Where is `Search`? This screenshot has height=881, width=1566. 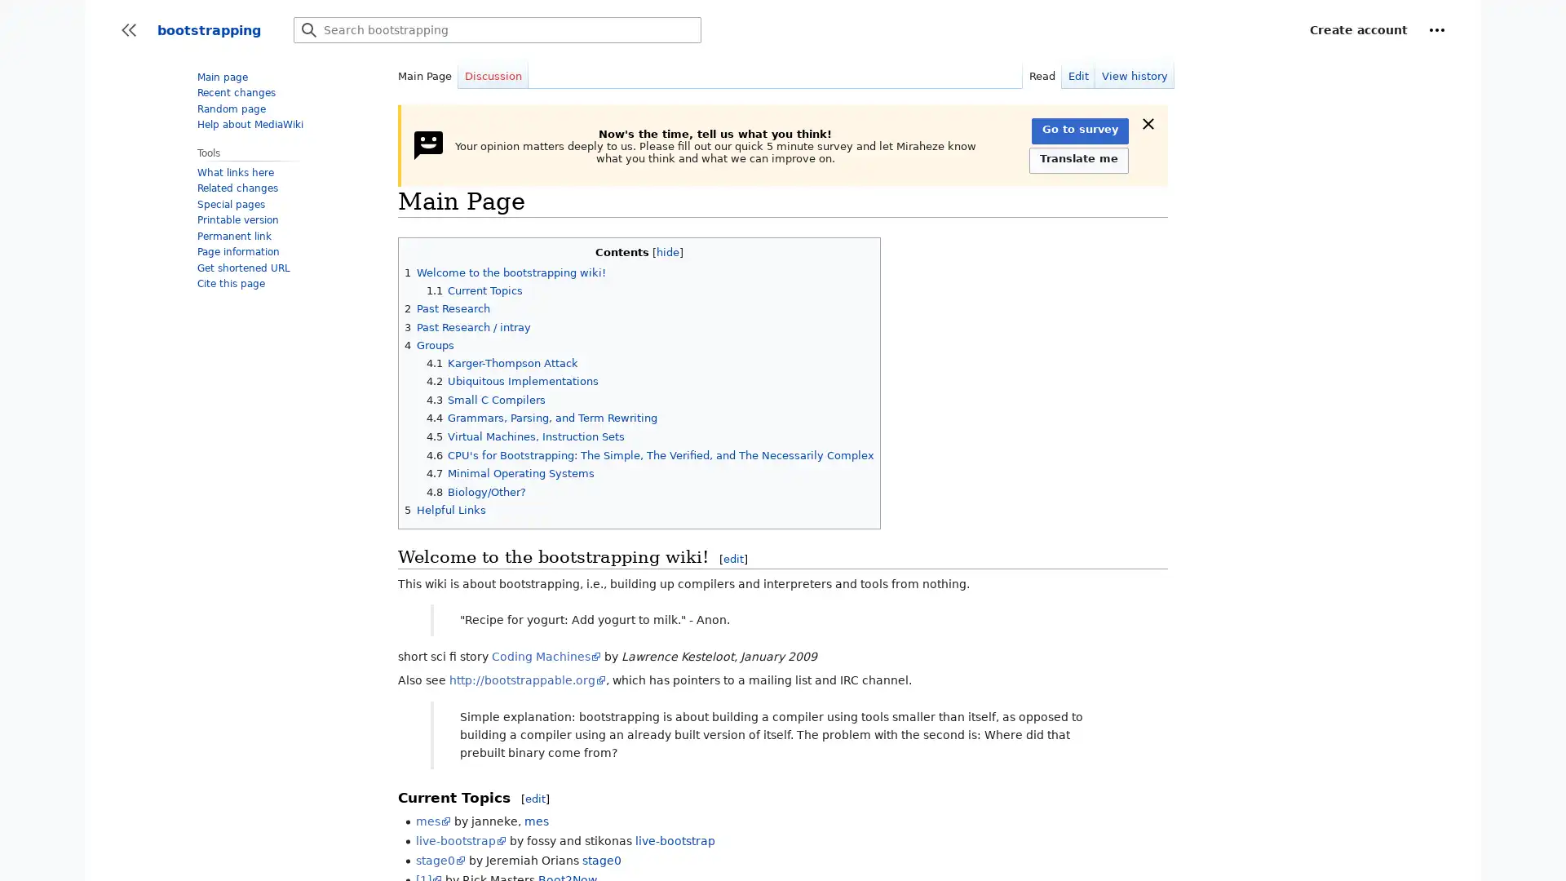 Search is located at coordinates (309, 30).